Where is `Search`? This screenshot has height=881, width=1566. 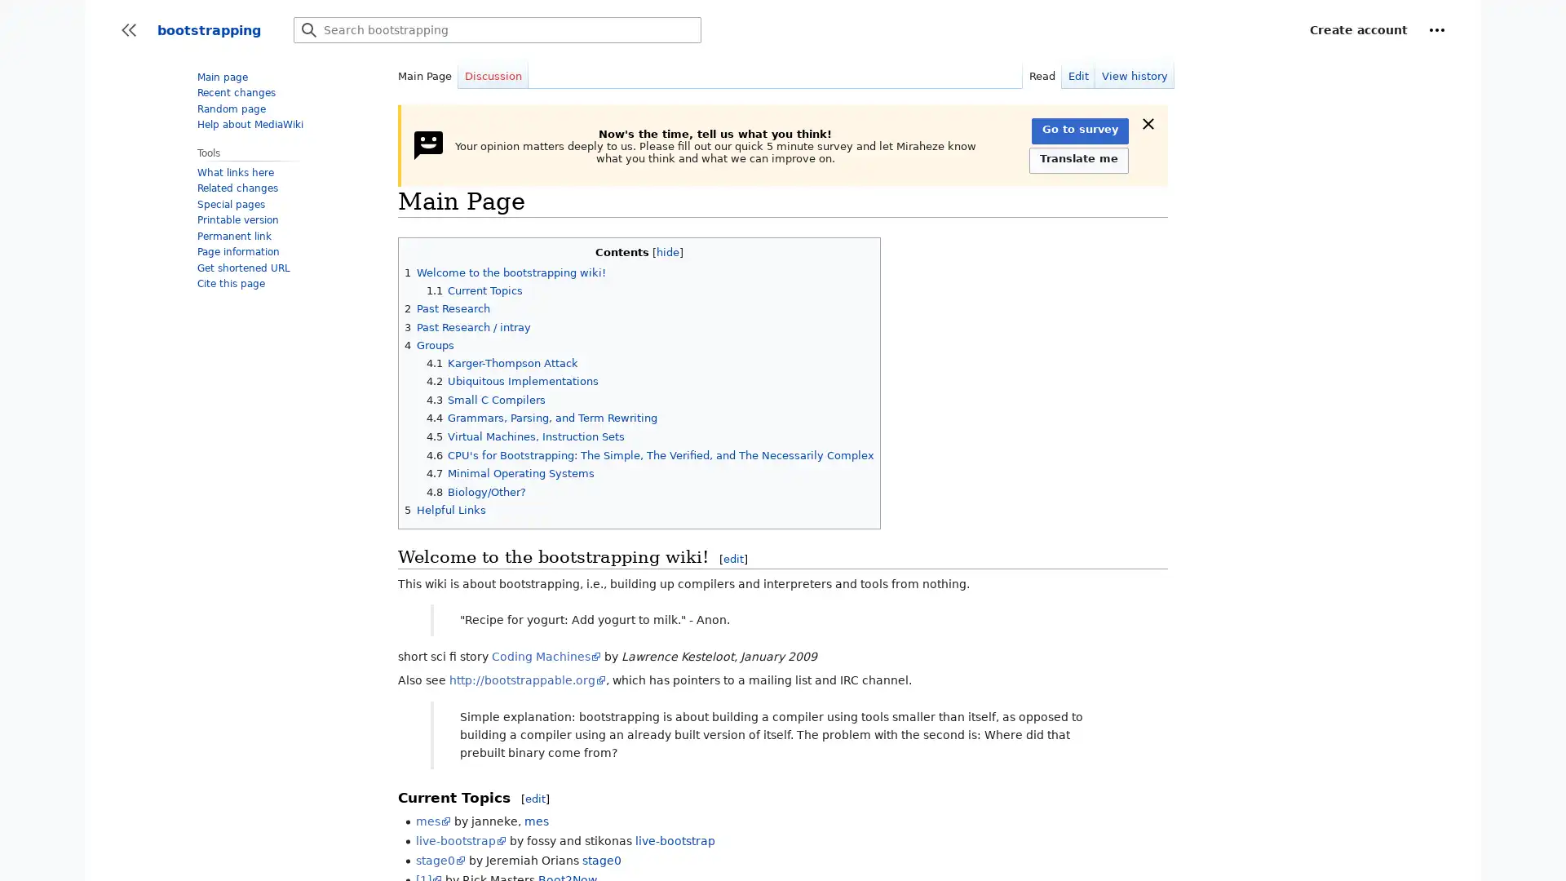 Search is located at coordinates (309, 30).